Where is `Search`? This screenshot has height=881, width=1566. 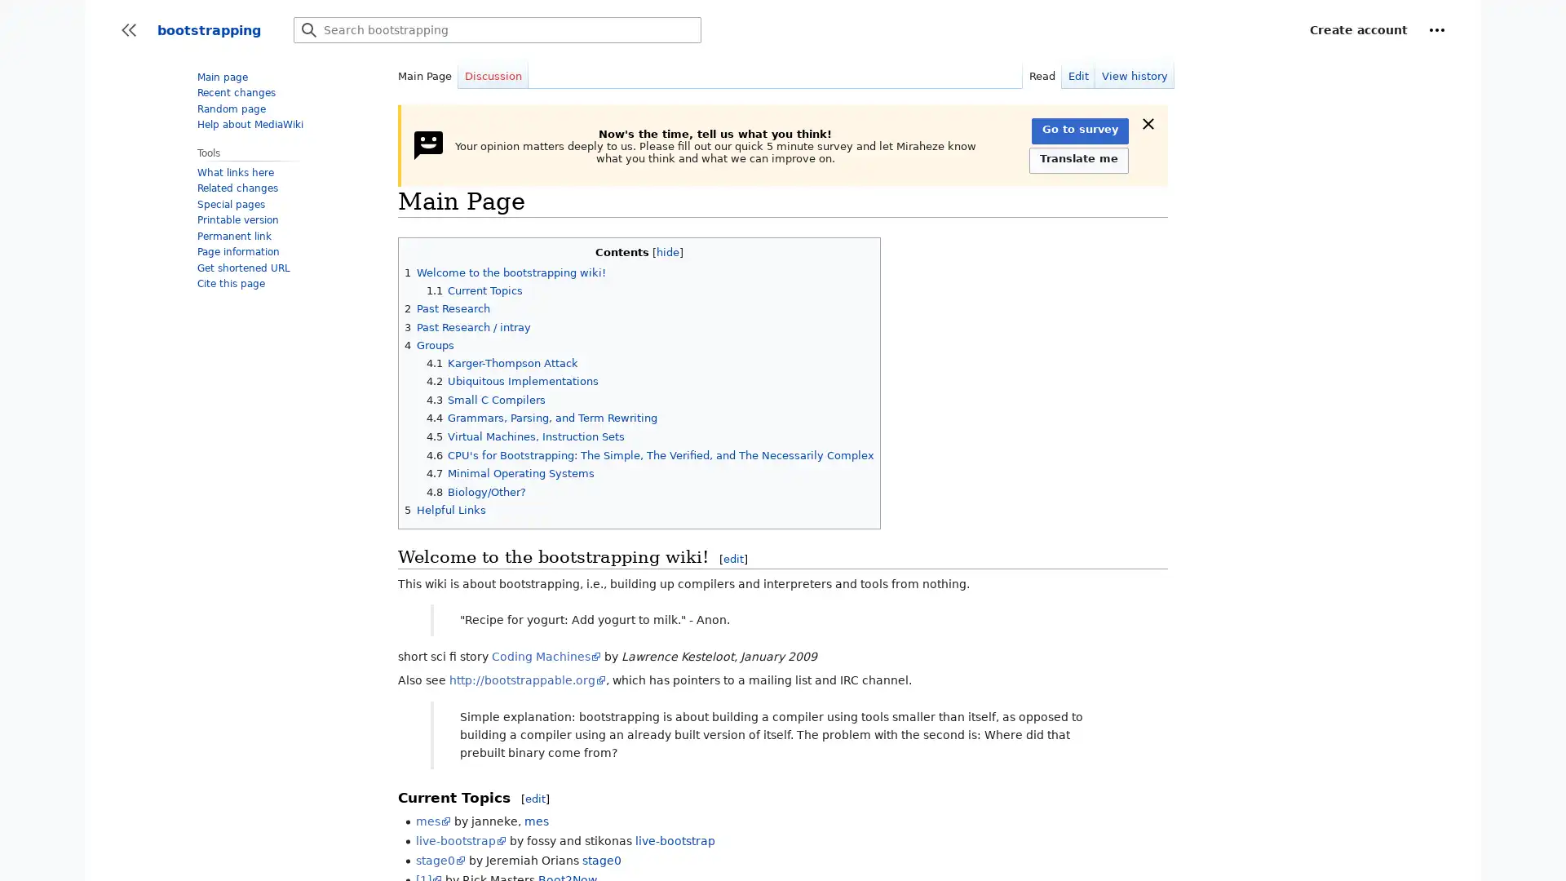 Search is located at coordinates (309, 30).